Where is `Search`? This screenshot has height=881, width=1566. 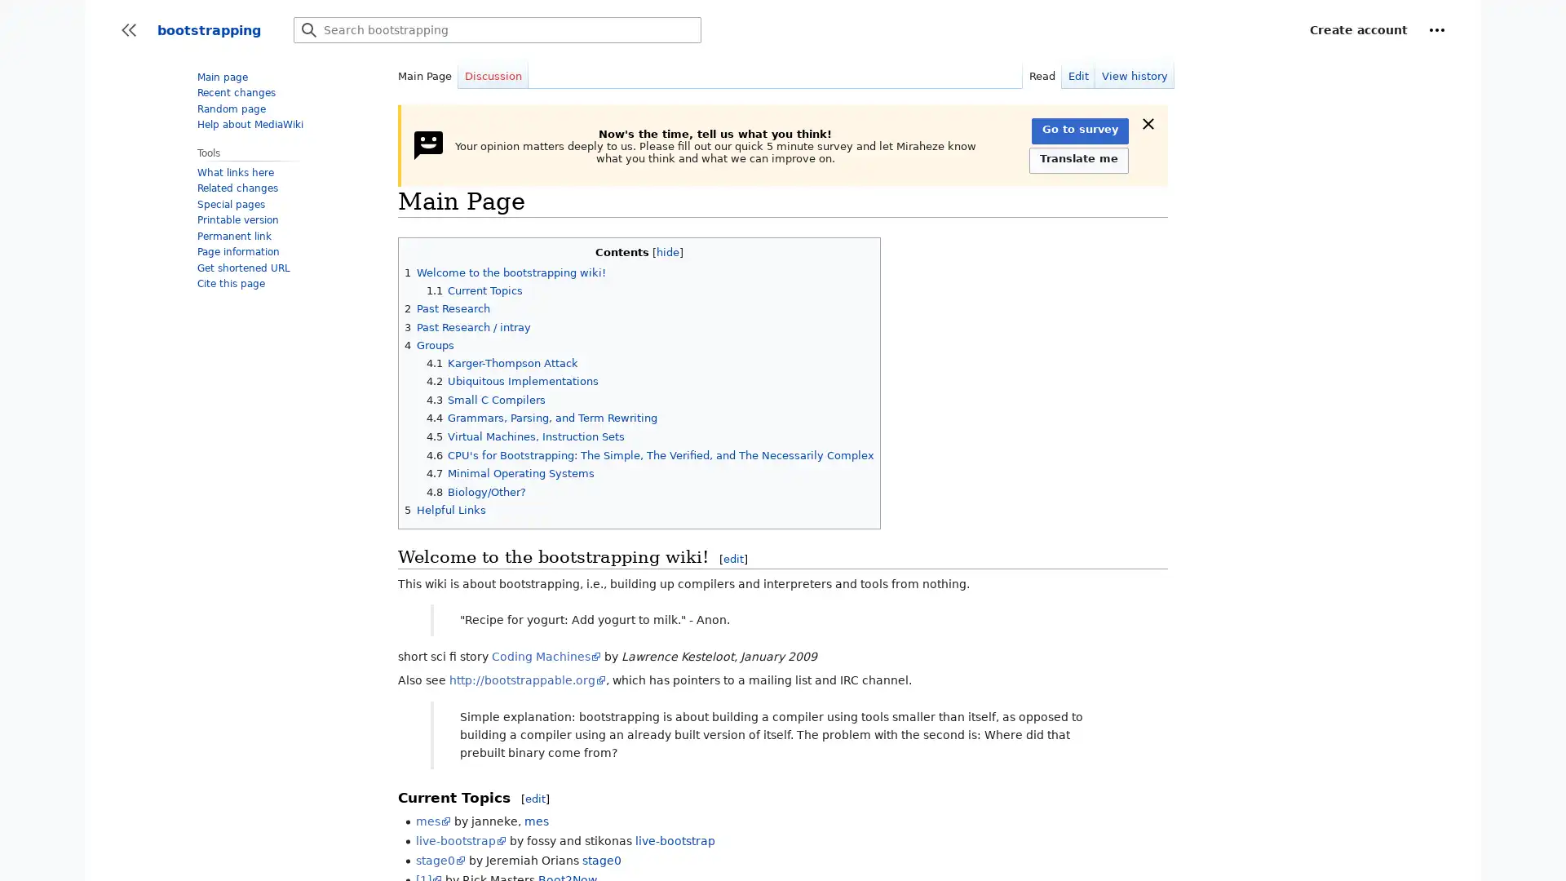 Search is located at coordinates (309, 30).